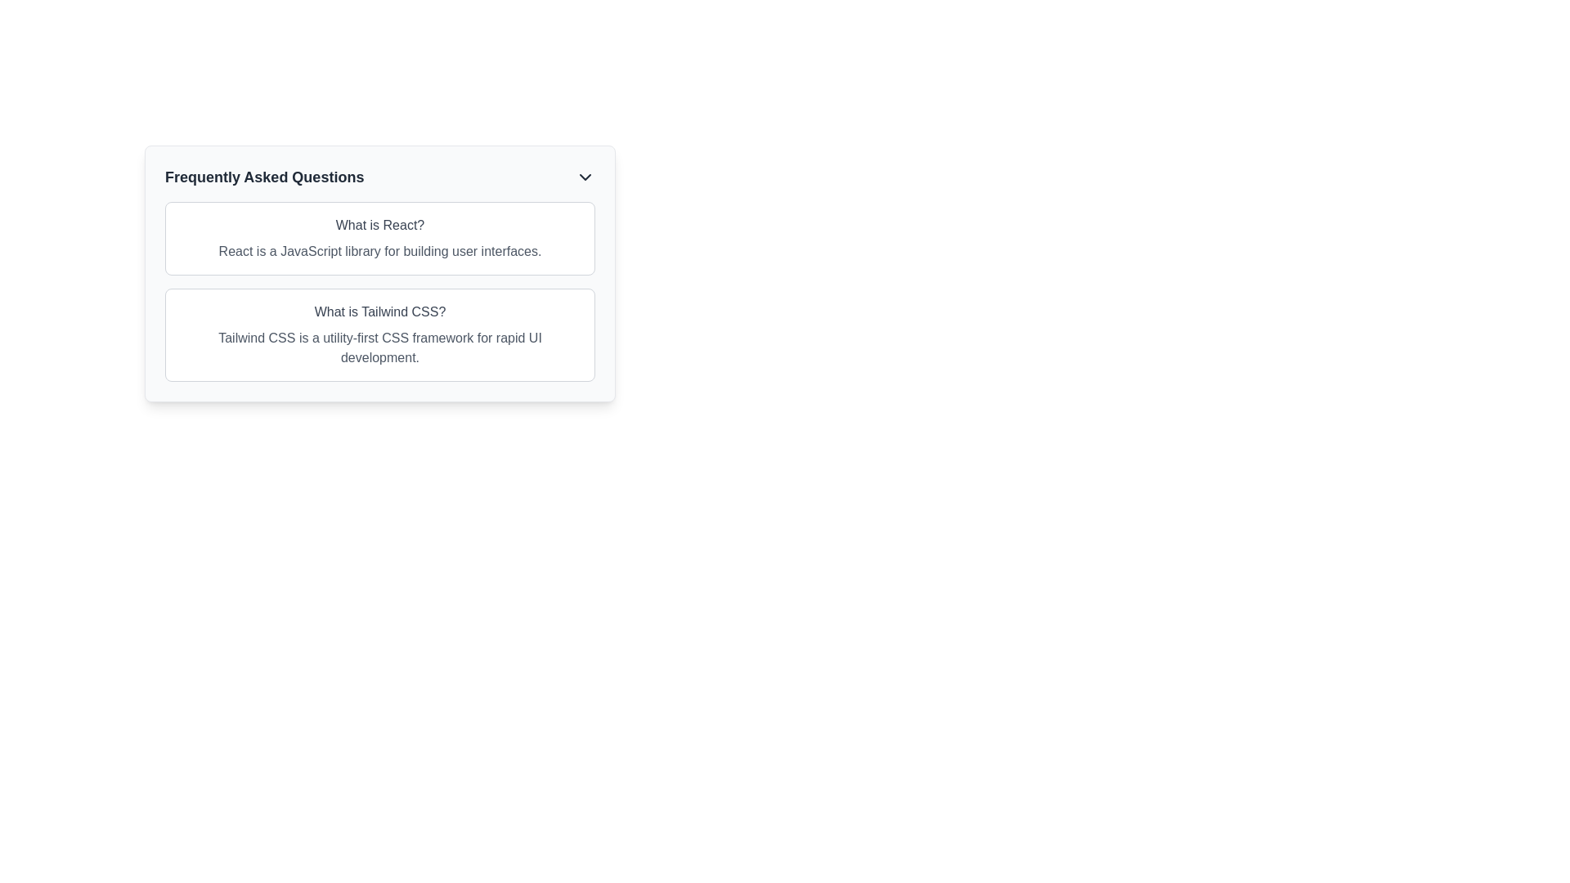 Image resolution: width=1570 pixels, height=883 pixels. I want to click on text on the second informational card in the Frequently Asked Questions section, which has a white background and contains a bold question at the top and smaller explanatory text below, so click(379, 334).